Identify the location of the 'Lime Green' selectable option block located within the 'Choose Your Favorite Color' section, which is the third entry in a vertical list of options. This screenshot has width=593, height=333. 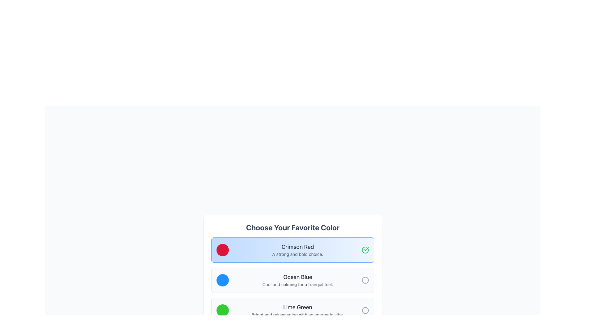
(292, 310).